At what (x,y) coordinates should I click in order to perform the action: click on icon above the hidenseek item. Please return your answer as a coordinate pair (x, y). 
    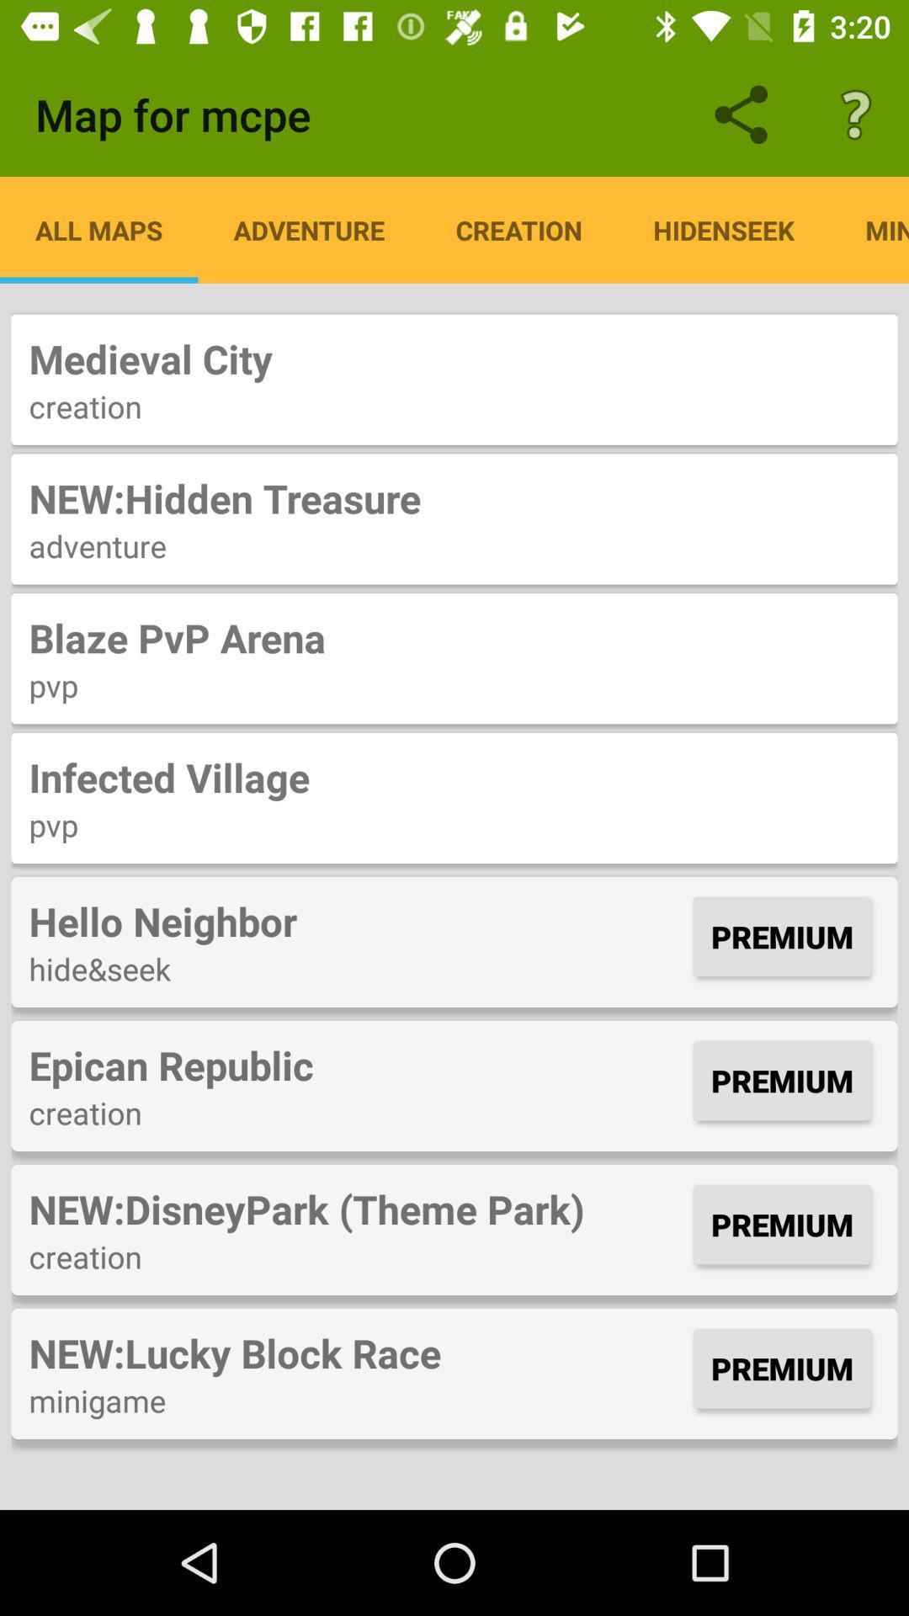
    Looking at the image, I should click on (856, 114).